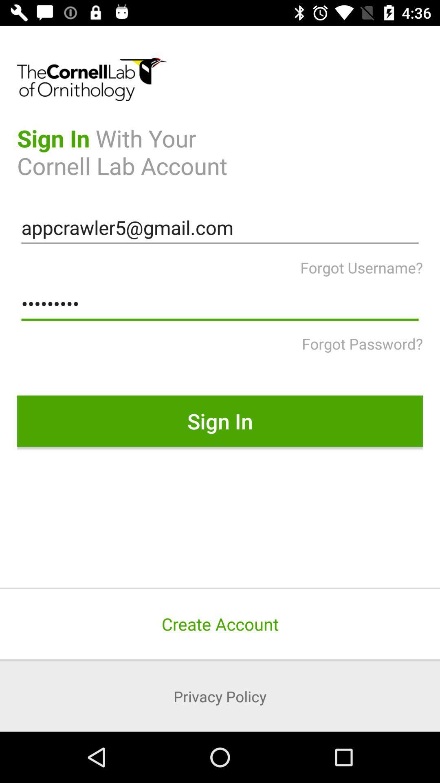 The image size is (440, 783). What do you see at coordinates (220, 624) in the screenshot?
I see `create account icon` at bounding box center [220, 624].